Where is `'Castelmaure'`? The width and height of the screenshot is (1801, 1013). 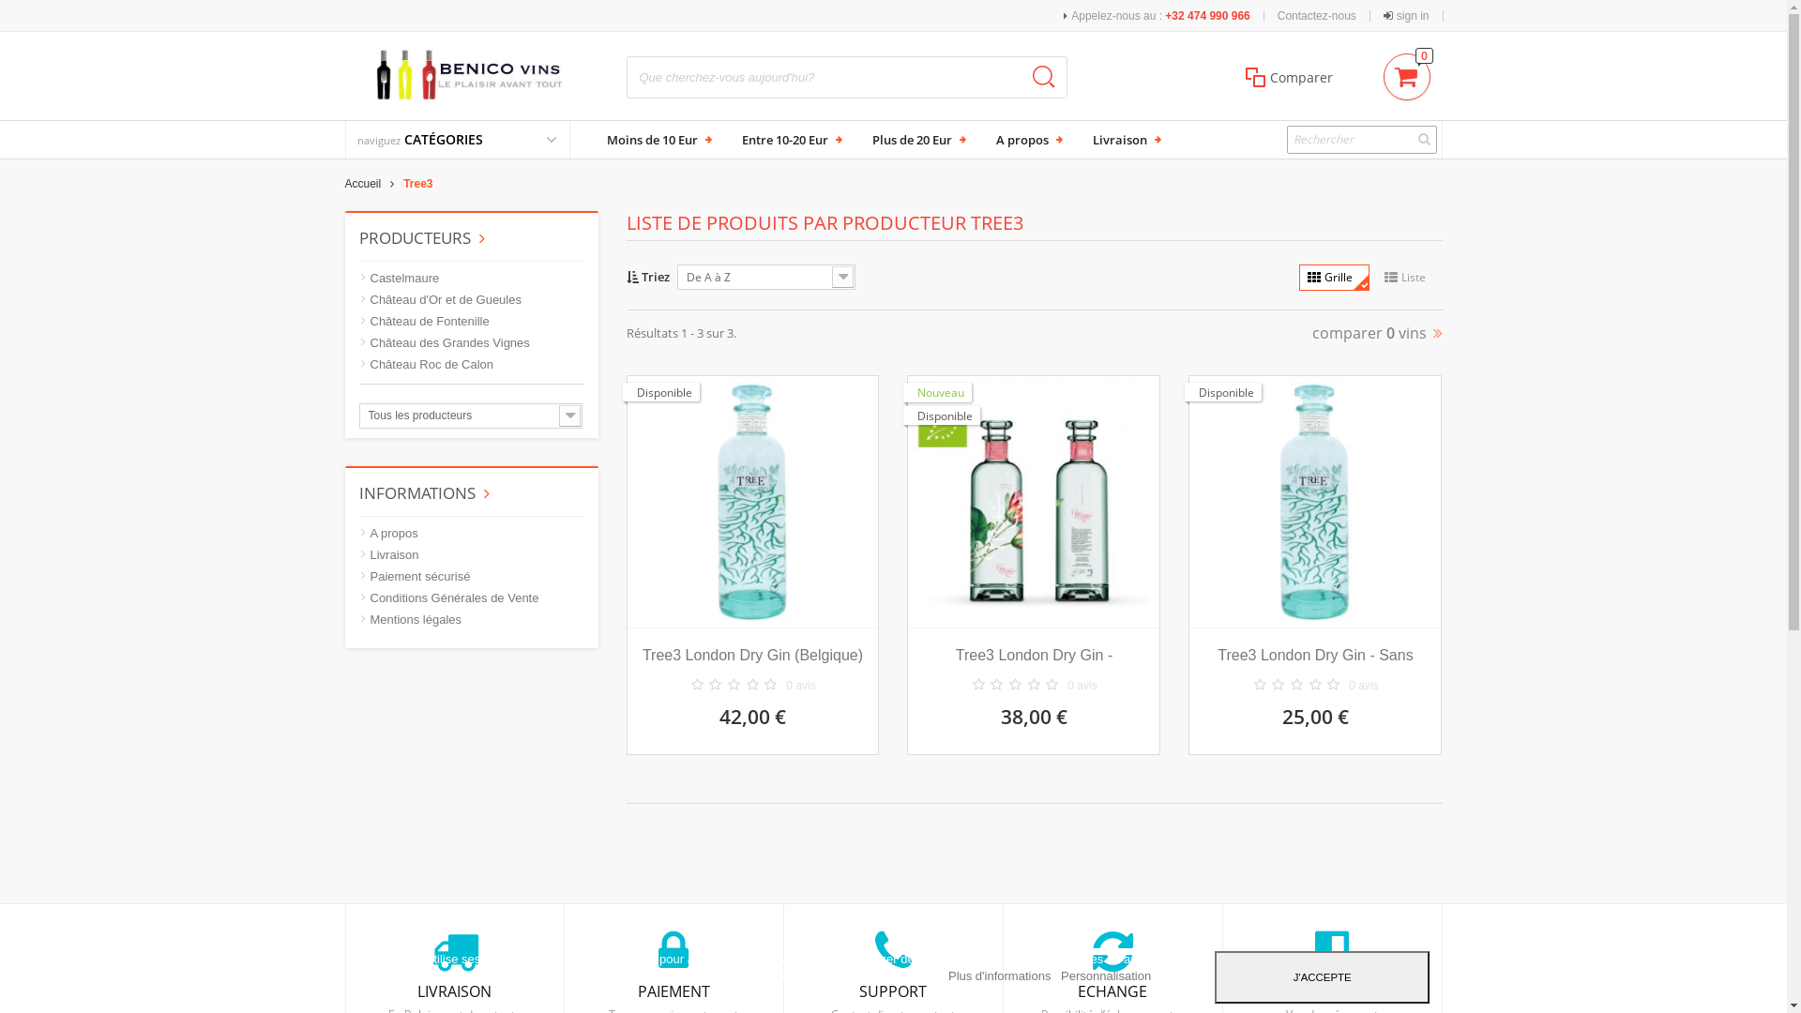
'Castelmaure' is located at coordinates (398, 279).